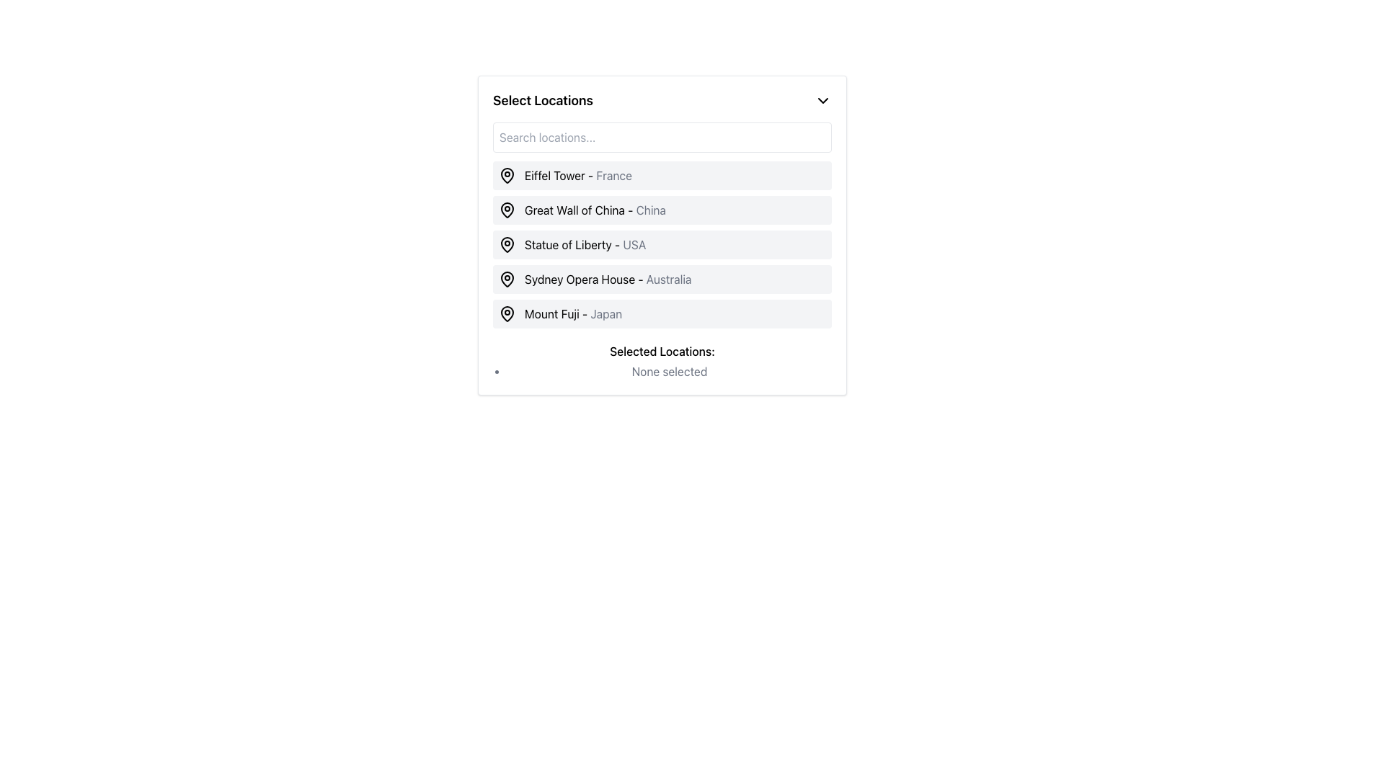  I want to click on the pin icon located to the left of the 'Great Wall of China - China' text in the locations list, so click(507, 209).